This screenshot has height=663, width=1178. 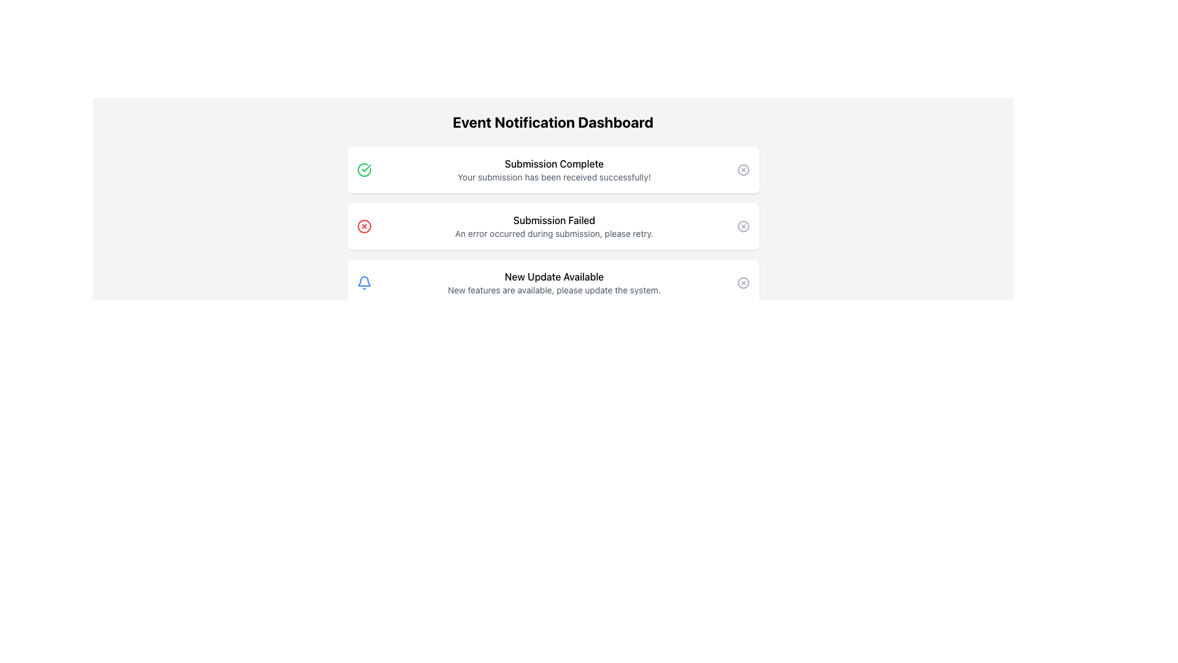 I want to click on the Text Display that indicates successful submission, located in the notification card at the top of the Event Notification Dashboard, so click(x=553, y=170).